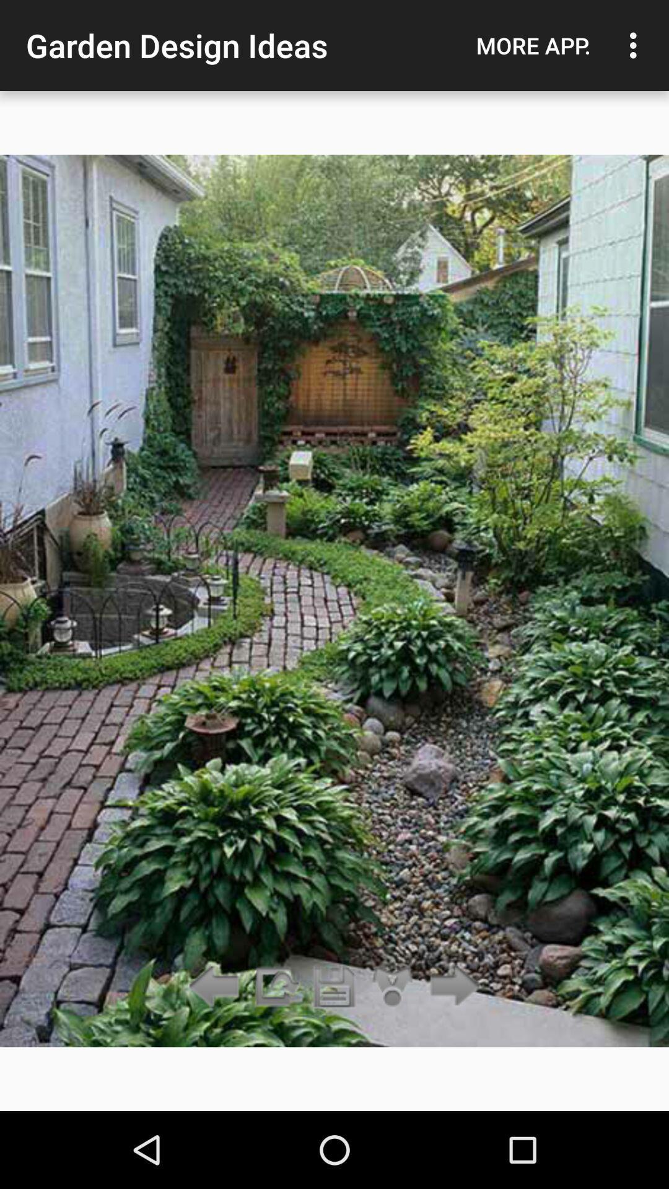 This screenshot has width=669, height=1189. Describe the element at coordinates (217, 986) in the screenshot. I see `go back` at that location.